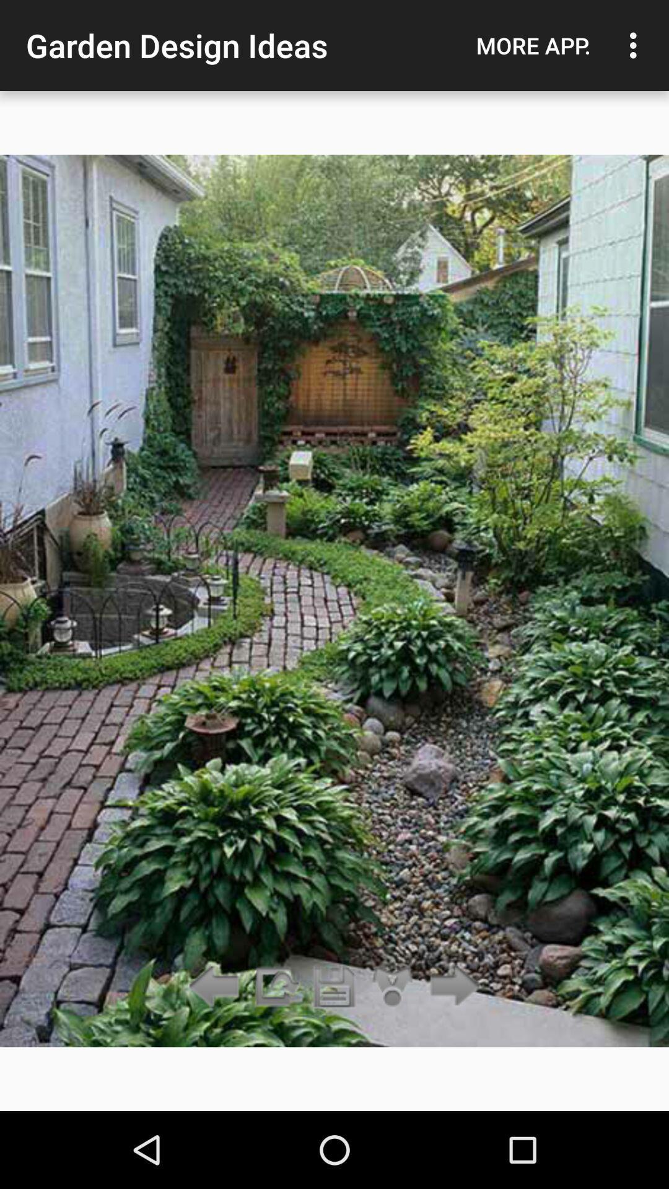 This screenshot has width=669, height=1189. Describe the element at coordinates (217, 986) in the screenshot. I see `go back` at that location.